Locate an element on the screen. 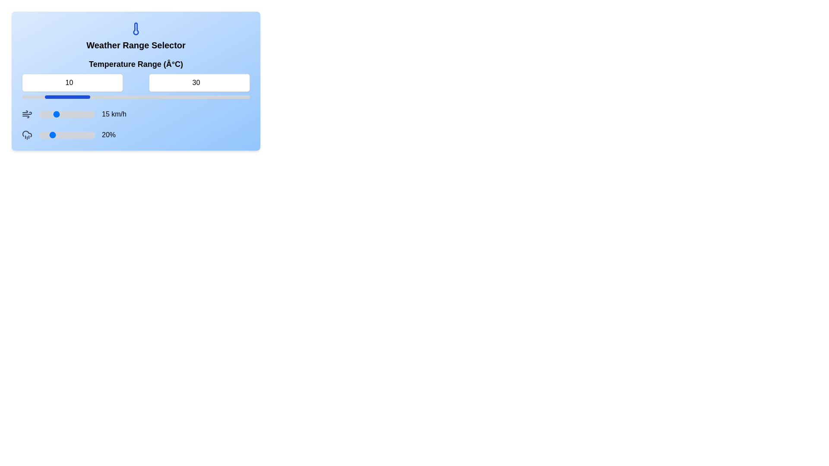 This screenshot has height=466, width=829. the highlighted part of the thermometer icon, which is a blue rounded rectangle located at the top-center of the 'Weather Range Selector' component is located at coordinates (136, 28).